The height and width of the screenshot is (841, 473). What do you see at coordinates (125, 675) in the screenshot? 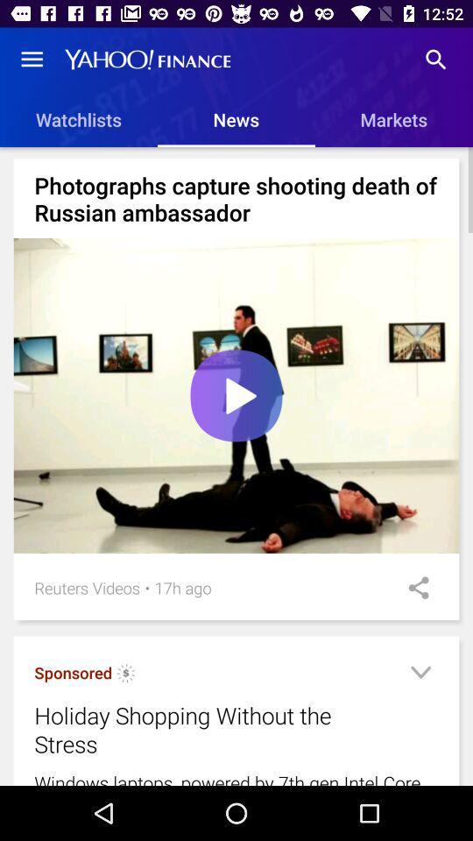
I see `the item to the right of sponsored item` at bounding box center [125, 675].